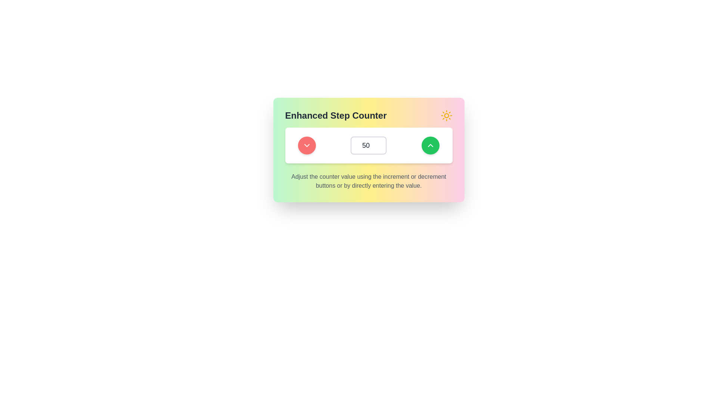  What do you see at coordinates (369, 145) in the screenshot?
I see `the number input` at bounding box center [369, 145].